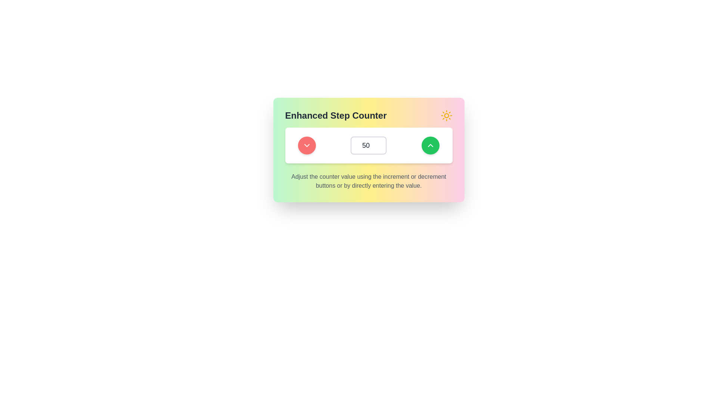  What do you see at coordinates (369, 145) in the screenshot?
I see `the number input` at bounding box center [369, 145].